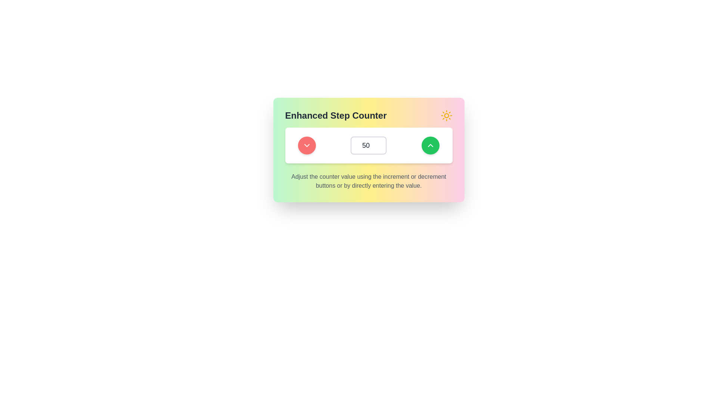  What do you see at coordinates (369, 145) in the screenshot?
I see `the number input` at bounding box center [369, 145].